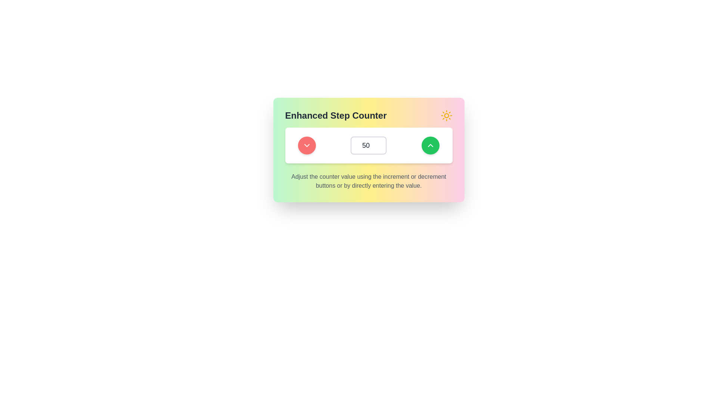  What do you see at coordinates (369, 145) in the screenshot?
I see `the number input` at bounding box center [369, 145].